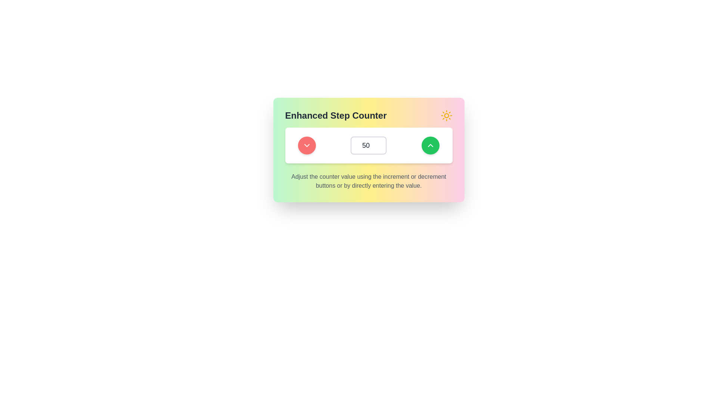  What do you see at coordinates (369, 145) in the screenshot?
I see `the number input` at bounding box center [369, 145].